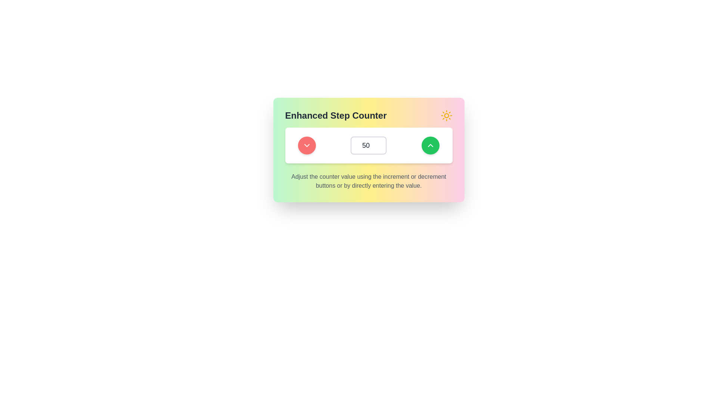  What do you see at coordinates (369, 145) in the screenshot?
I see `the number input` at bounding box center [369, 145].